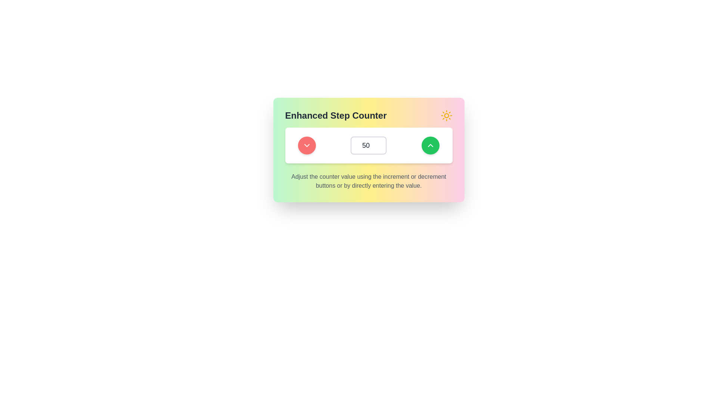  What do you see at coordinates (369, 145) in the screenshot?
I see `the number input` at bounding box center [369, 145].